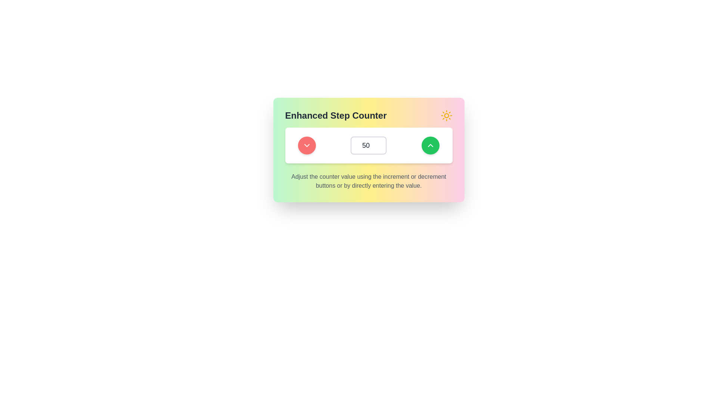  What do you see at coordinates (369, 145) in the screenshot?
I see `the number input` at bounding box center [369, 145].